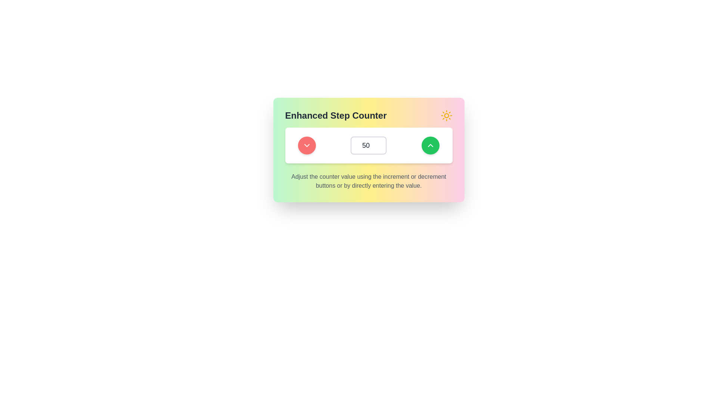  What do you see at coordinates (369, 145) in the screenshot?
I see `the number input` at bounding box center [369, 145].